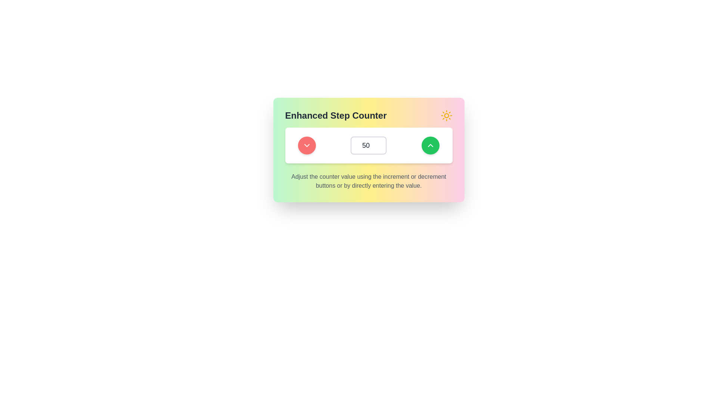  What do you see at coordinates (369, 145) in the screenshot?
I see `the number input` at bounding box center [369, 145].